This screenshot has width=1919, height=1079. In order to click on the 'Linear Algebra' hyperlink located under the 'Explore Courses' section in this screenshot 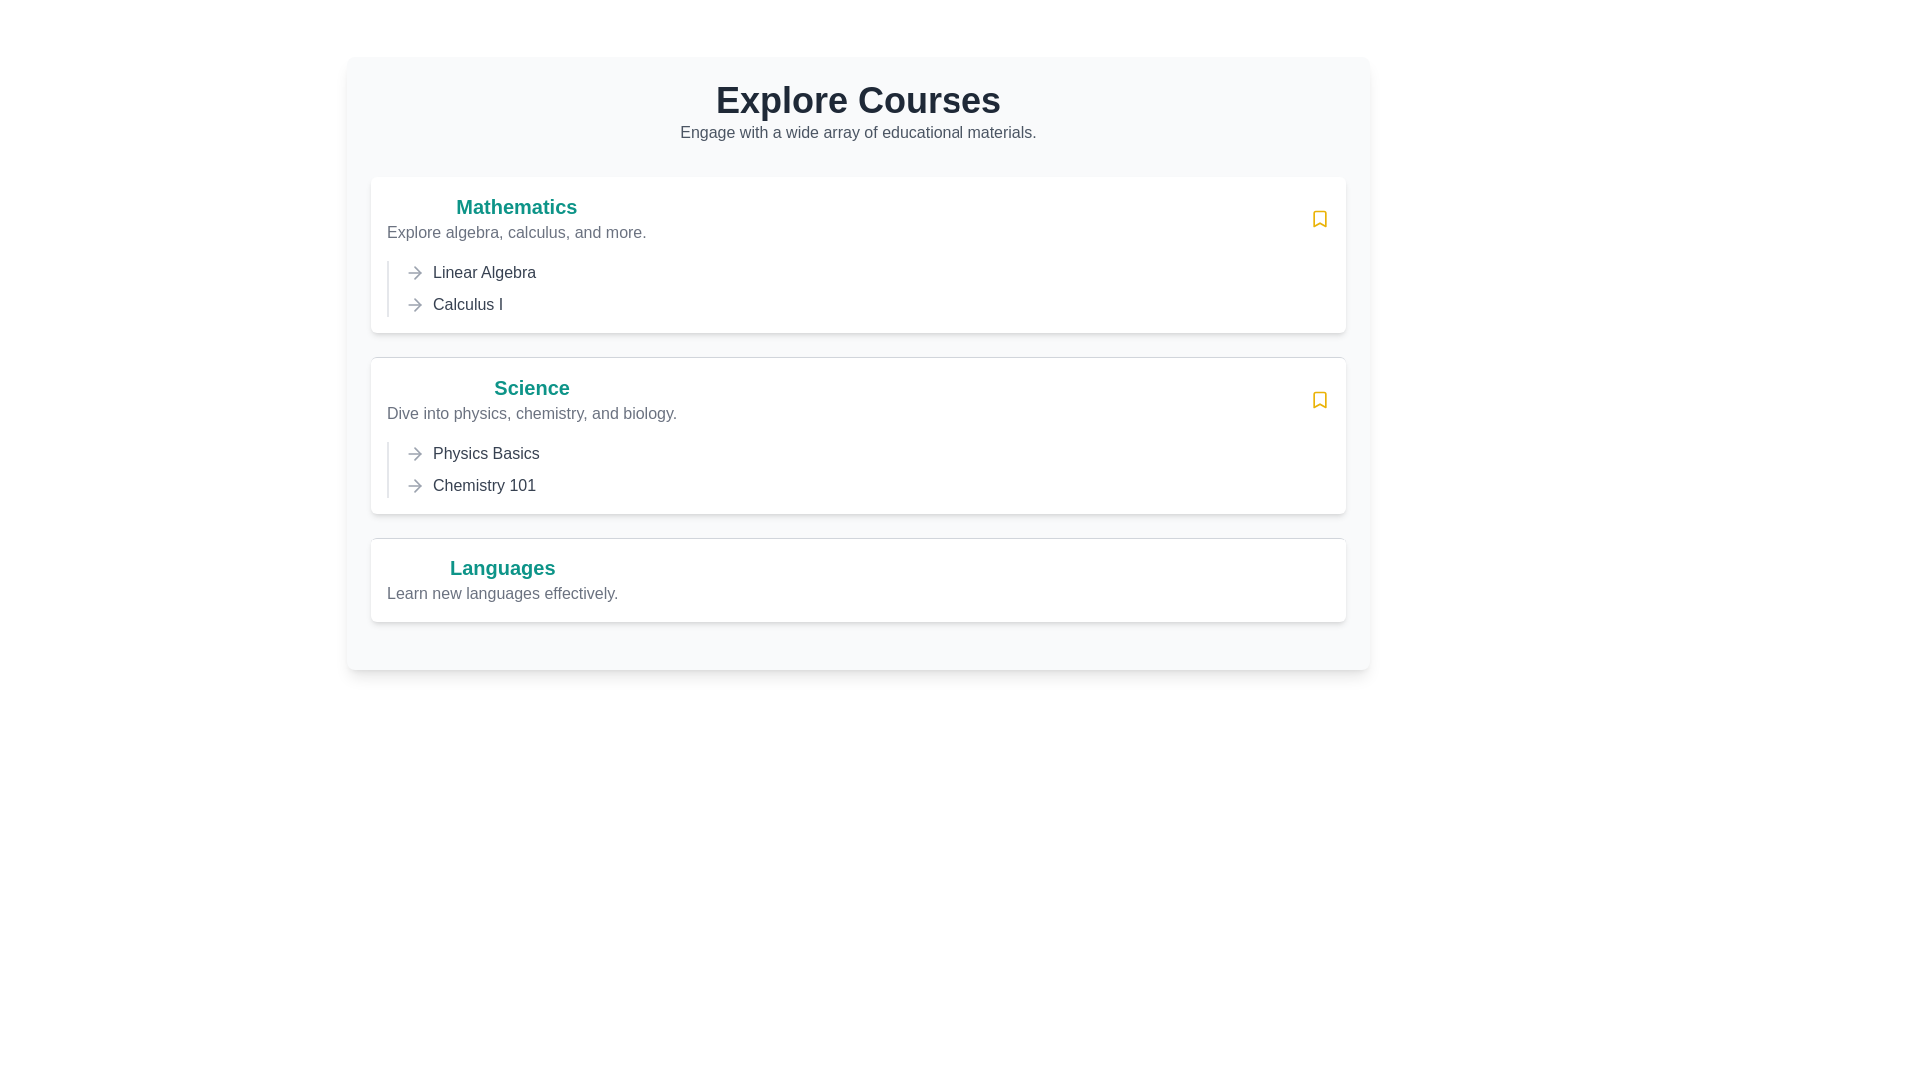, I will do `click(484, 273)`.